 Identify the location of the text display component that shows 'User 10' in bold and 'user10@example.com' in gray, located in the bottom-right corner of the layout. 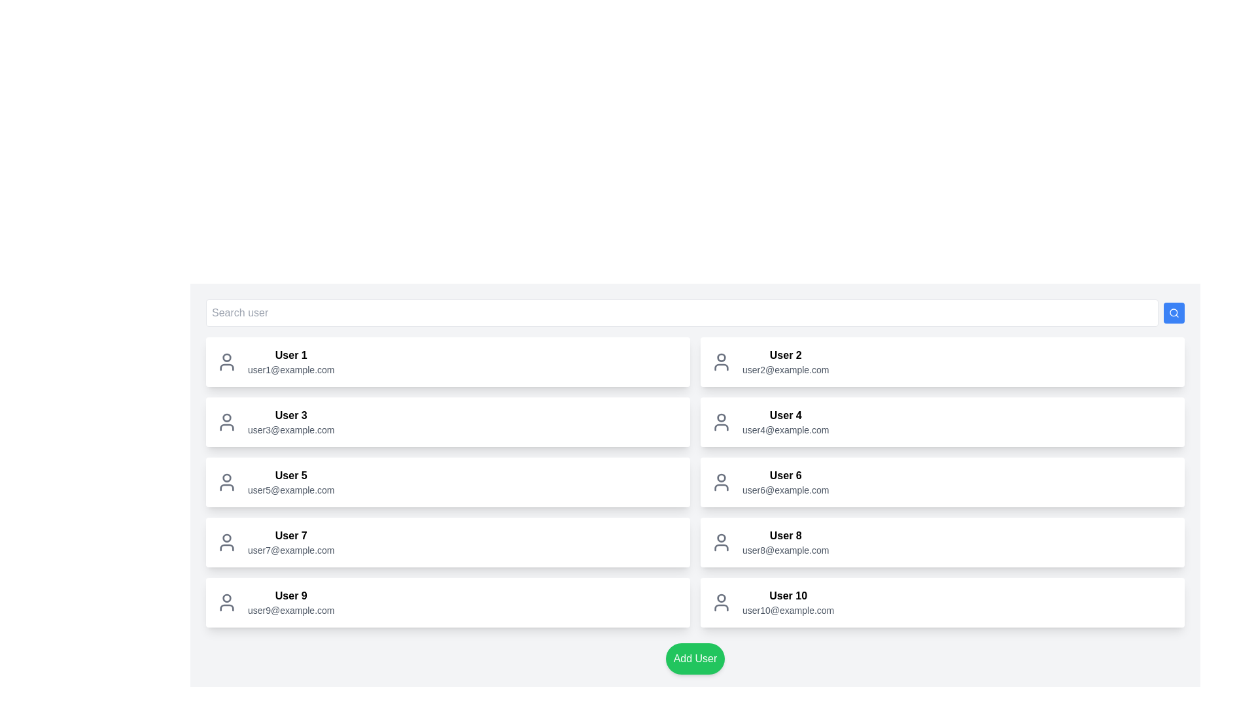
(788, 602).